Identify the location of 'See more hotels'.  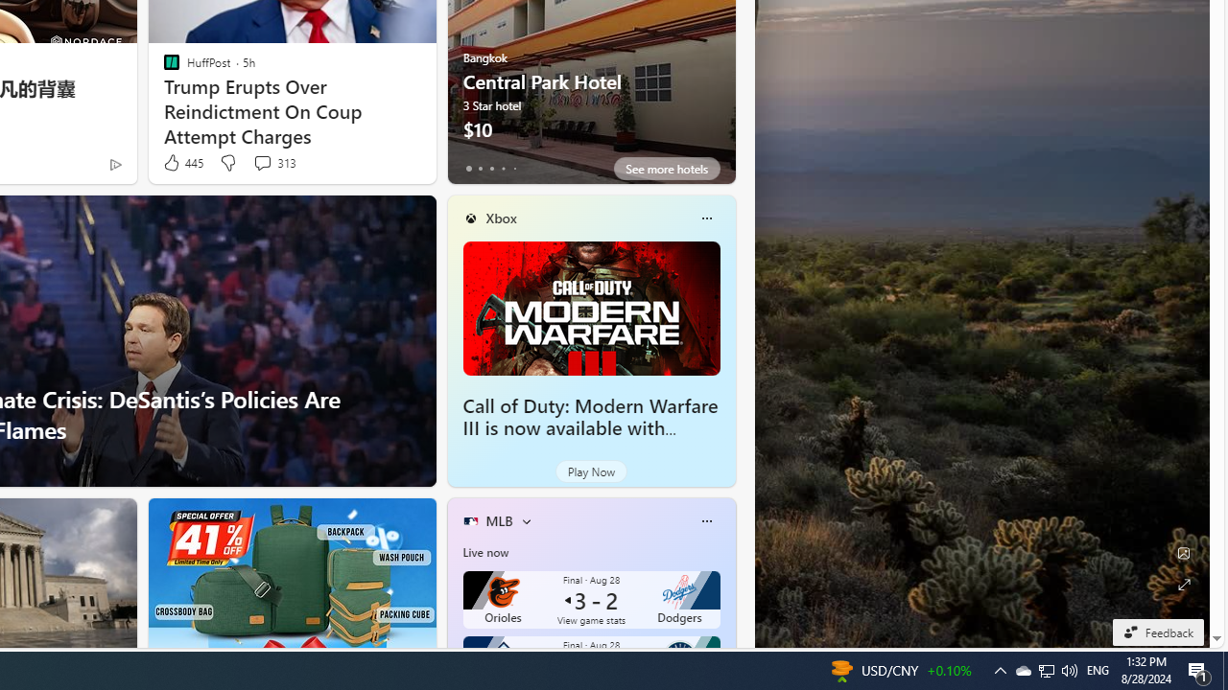
(667, 168).